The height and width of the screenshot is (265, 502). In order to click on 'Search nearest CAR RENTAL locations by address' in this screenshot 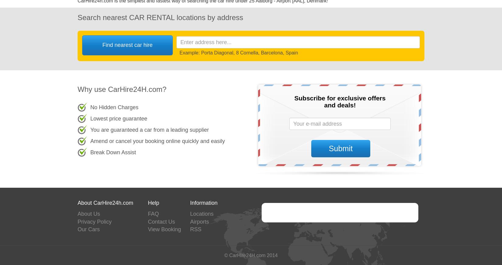, I will do `click(160, 17)`.